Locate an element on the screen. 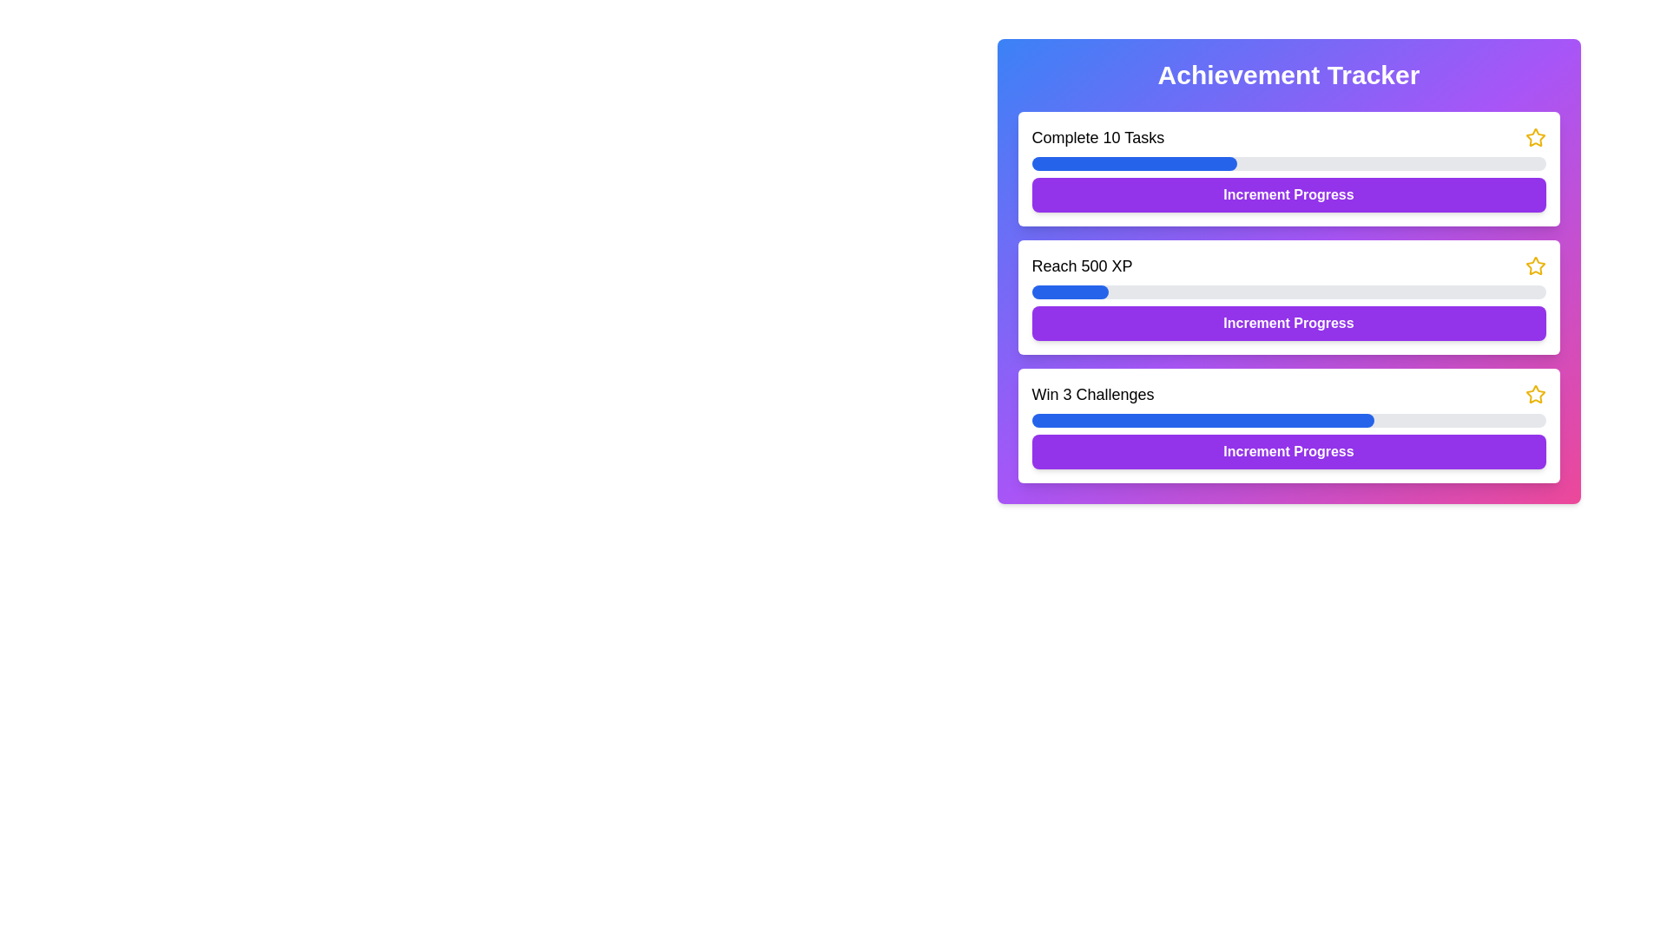  the Progress Bar located inside the 'Win 3 Challenges' card, which is the third card in a vertical list is located at coordinates (1288, 421).